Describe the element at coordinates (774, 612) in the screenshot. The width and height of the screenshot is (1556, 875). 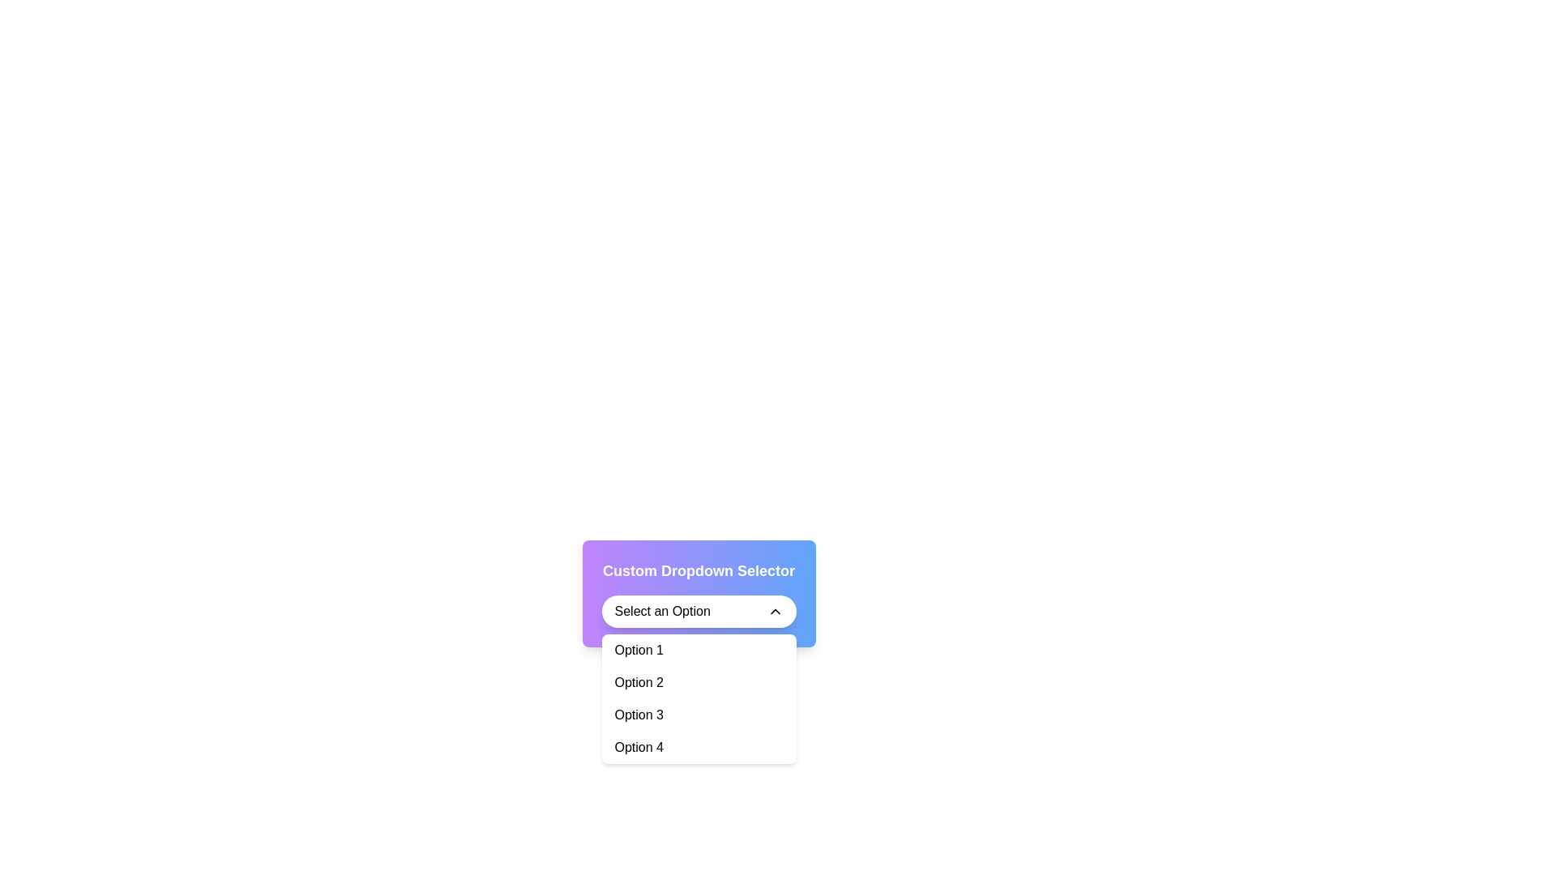
I see `the chevron icon located to the far right of the 'Select an Option' dropdown menu` at that location.